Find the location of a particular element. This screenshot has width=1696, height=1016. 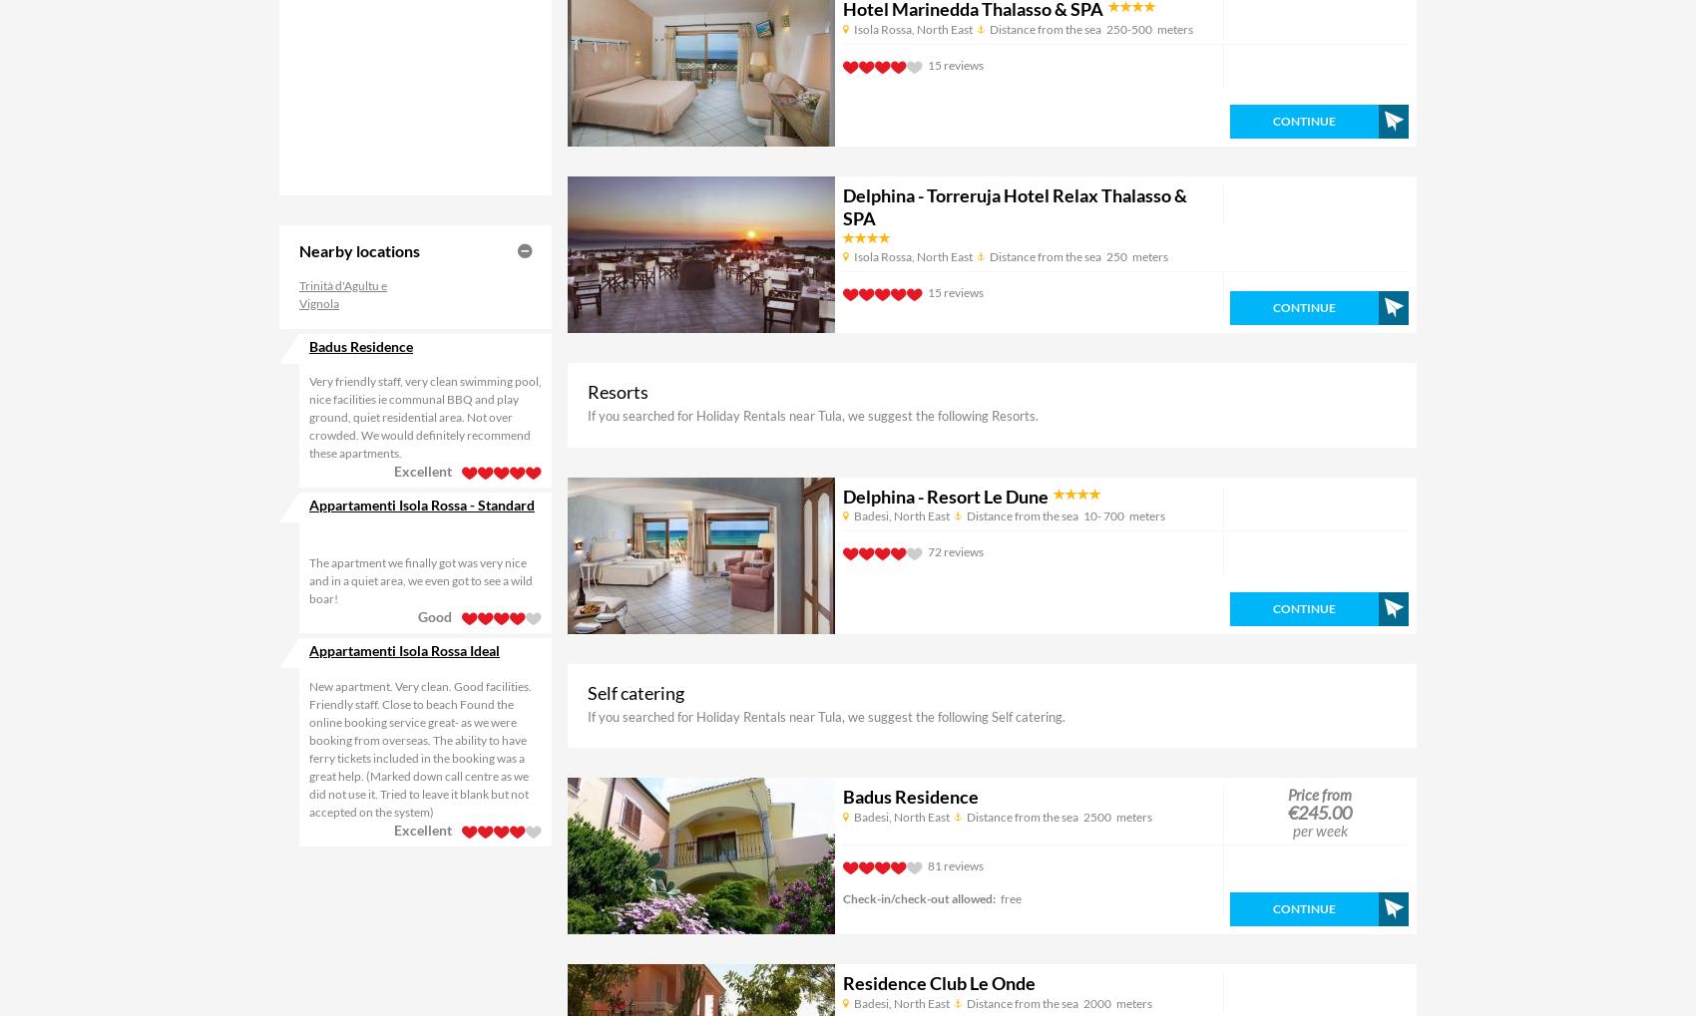

'10- 700' is located at coordinates (1102, 515).